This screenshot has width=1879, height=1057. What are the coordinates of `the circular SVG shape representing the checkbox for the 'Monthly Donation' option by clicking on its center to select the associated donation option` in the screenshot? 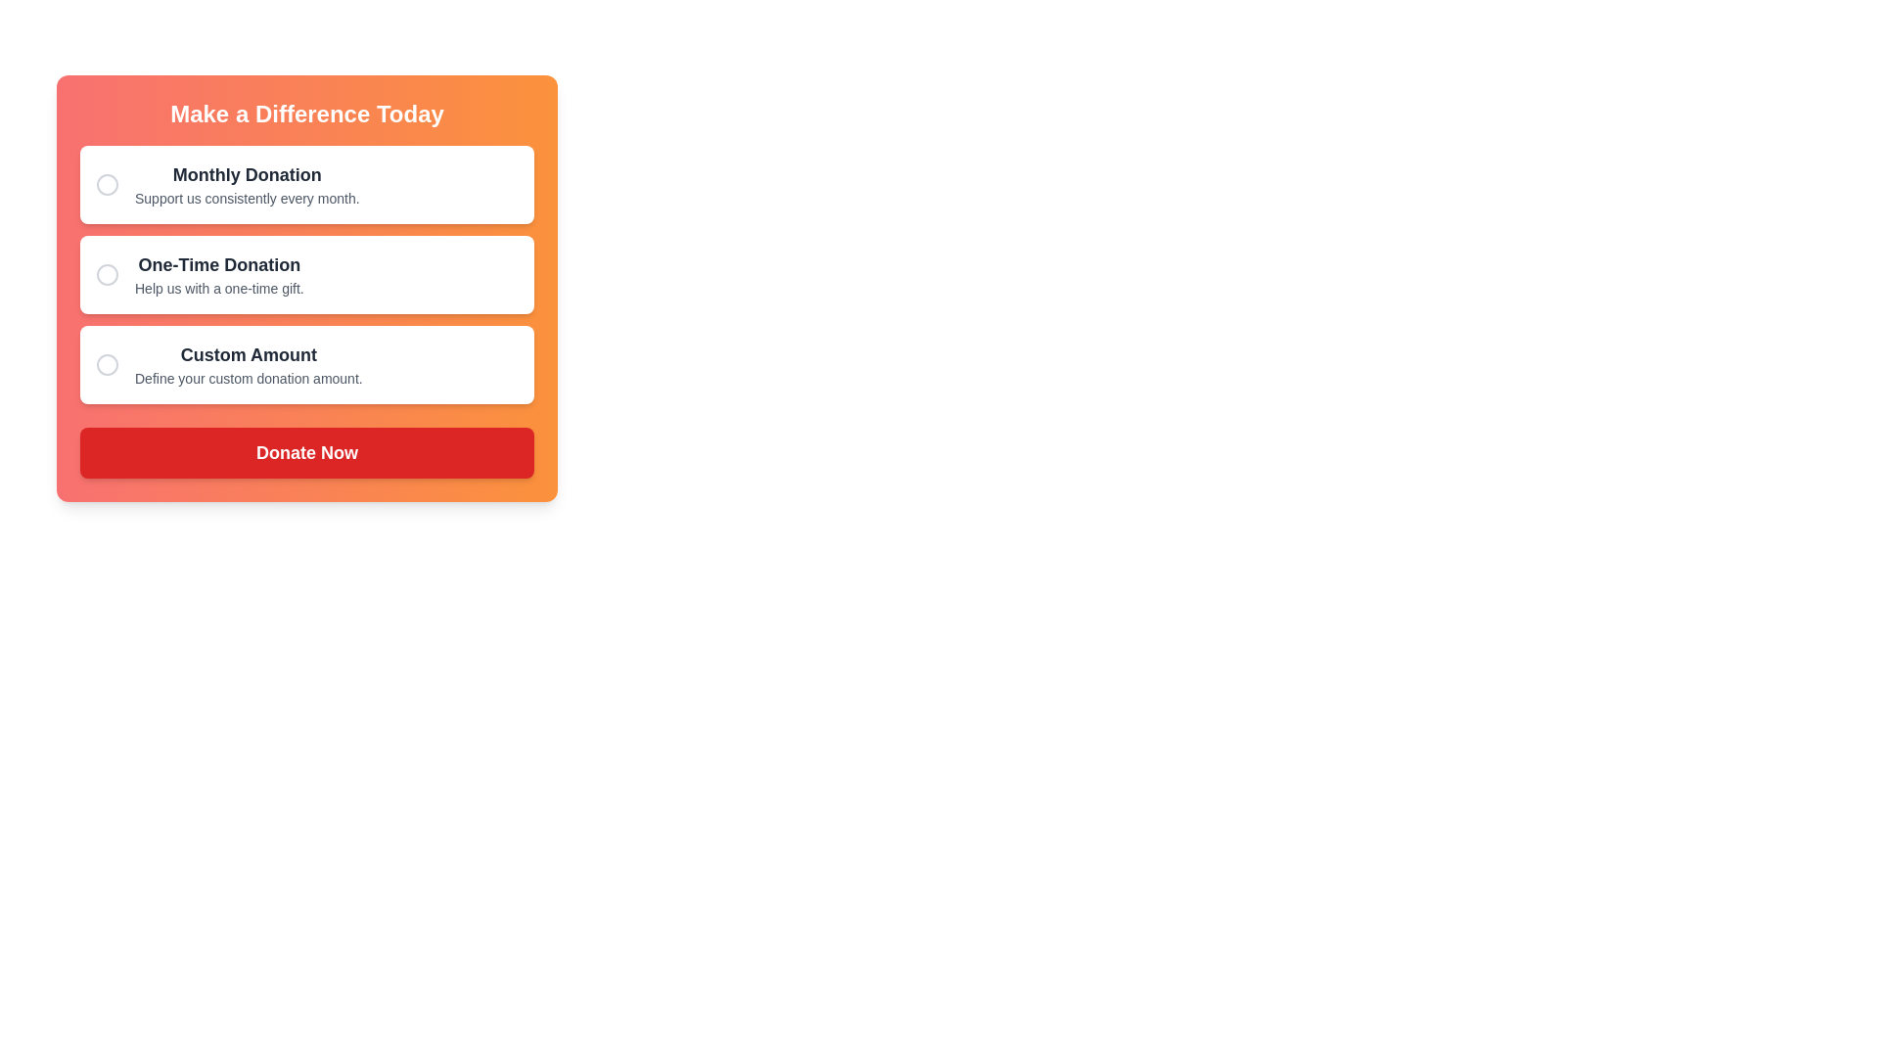 It's located at (107, 185).